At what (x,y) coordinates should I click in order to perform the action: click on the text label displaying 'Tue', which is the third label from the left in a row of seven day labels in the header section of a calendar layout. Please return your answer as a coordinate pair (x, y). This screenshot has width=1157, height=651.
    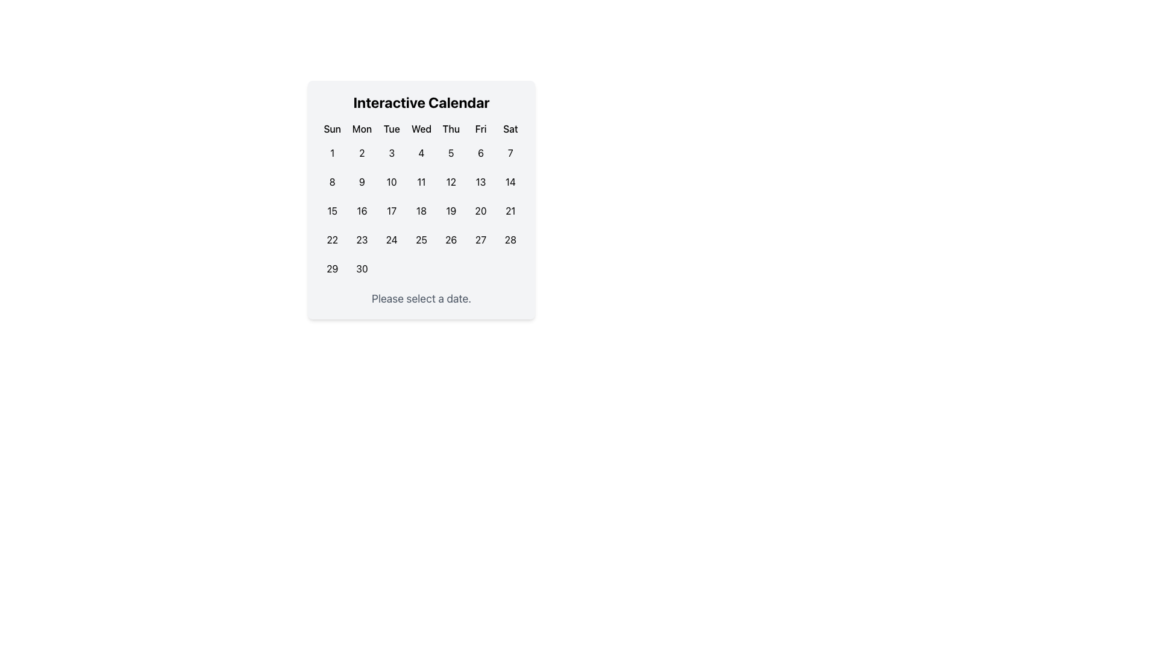
    Looking at the image, I should click on (392, 128).